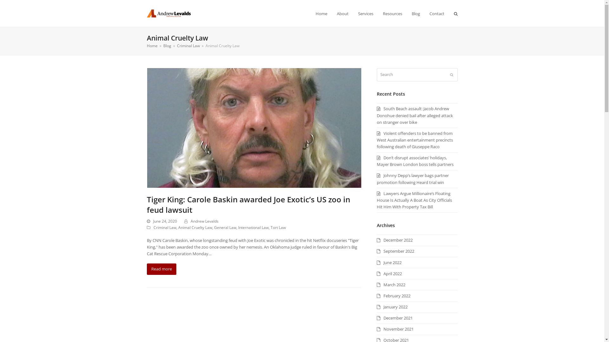  I want to click on 'Submit', so click(451, 74).